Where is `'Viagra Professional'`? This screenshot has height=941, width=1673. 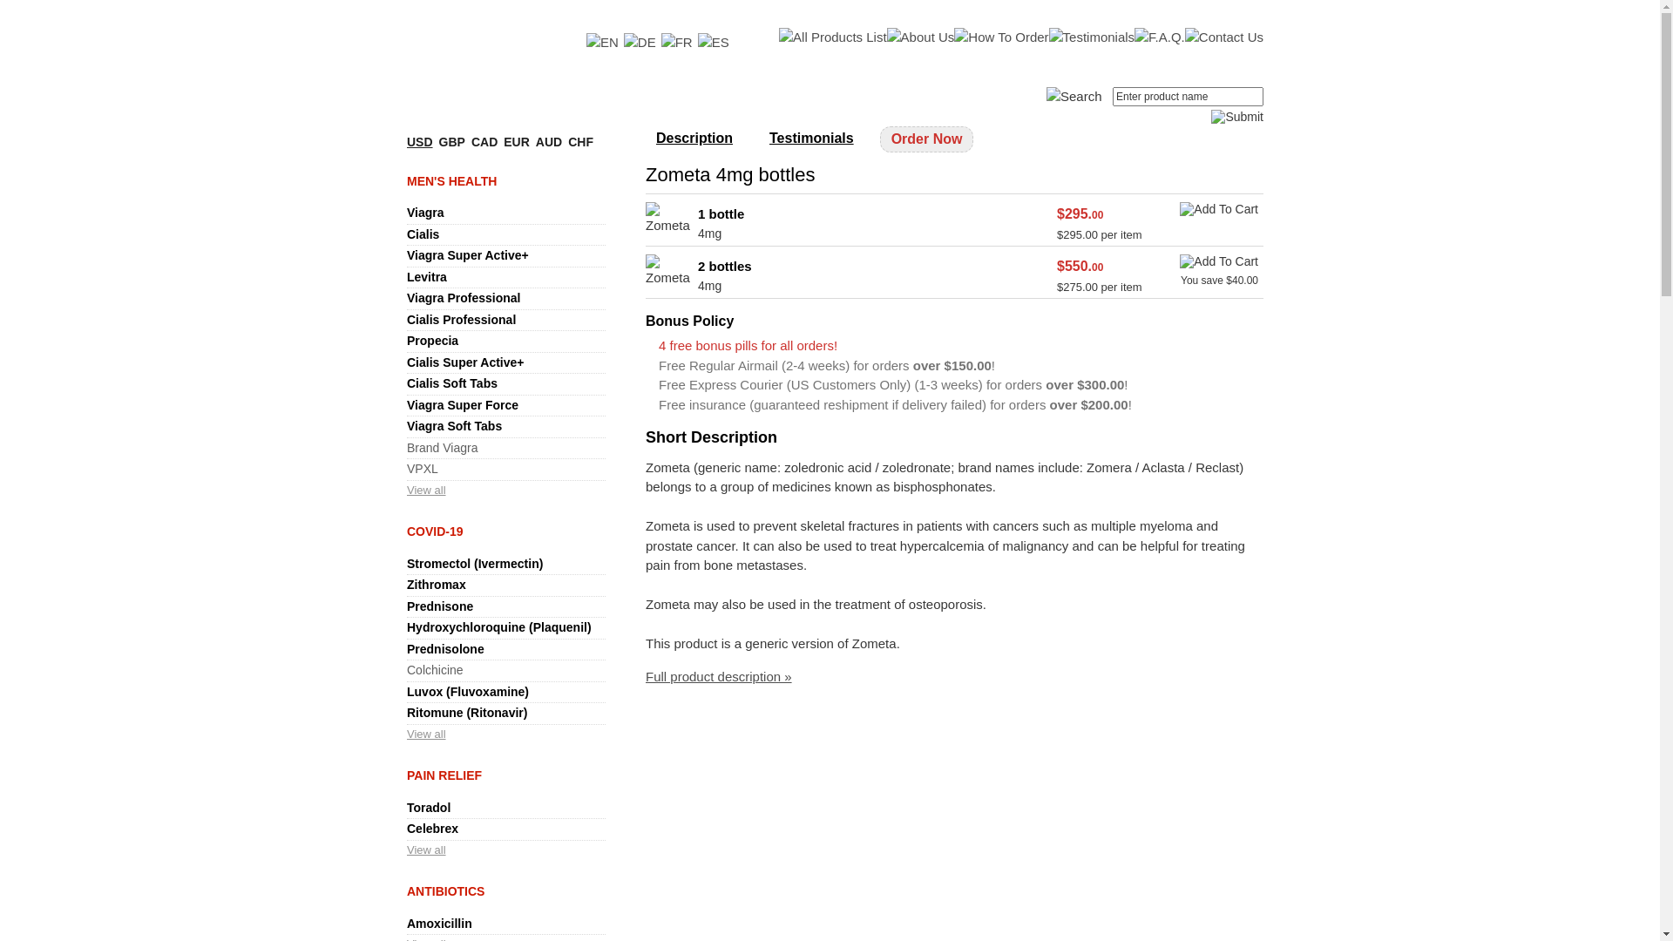
'Viagra Professional' is located at coordinates (464, 297).